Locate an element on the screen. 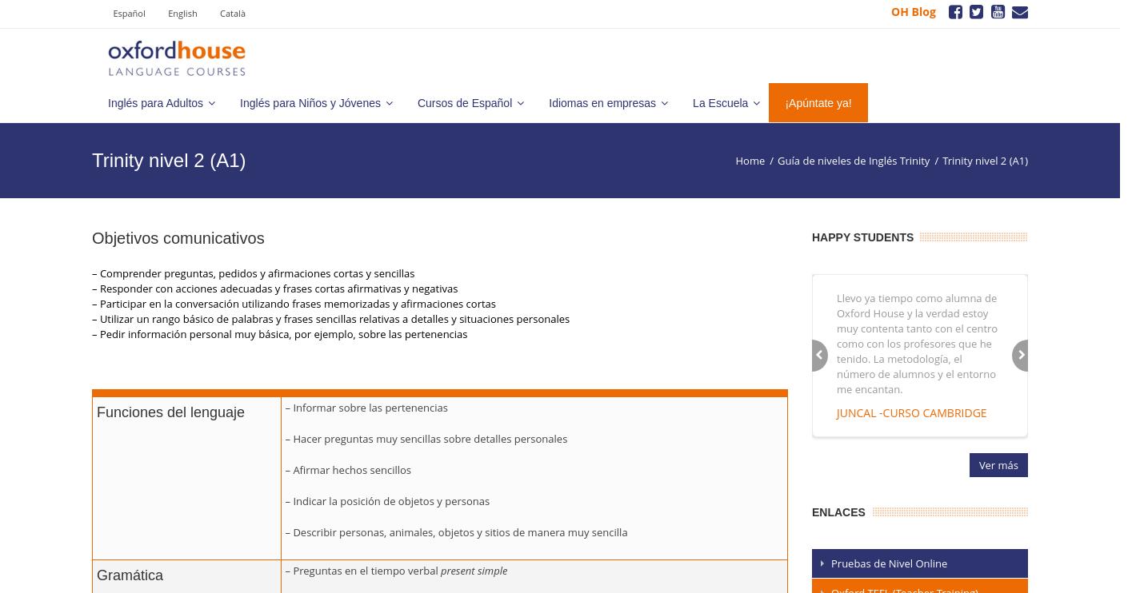 This screenshot has height=593, width=1144. '– Responder con acciones adecuadas y frases cortas afirmativas y negativas' is located at coordinates (90, 288).